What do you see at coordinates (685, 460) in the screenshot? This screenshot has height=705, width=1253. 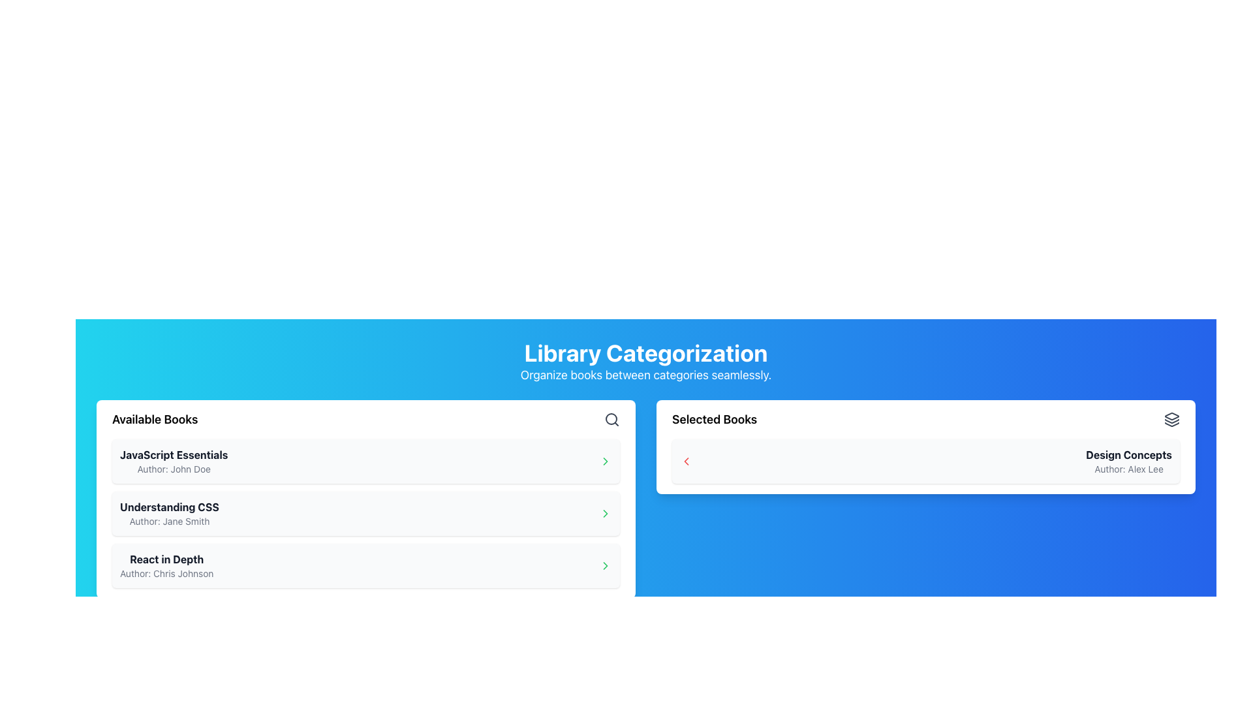 I see `the left-pointing chevron icon in the 'Selected Books' section` at bounding box center [685, 460].